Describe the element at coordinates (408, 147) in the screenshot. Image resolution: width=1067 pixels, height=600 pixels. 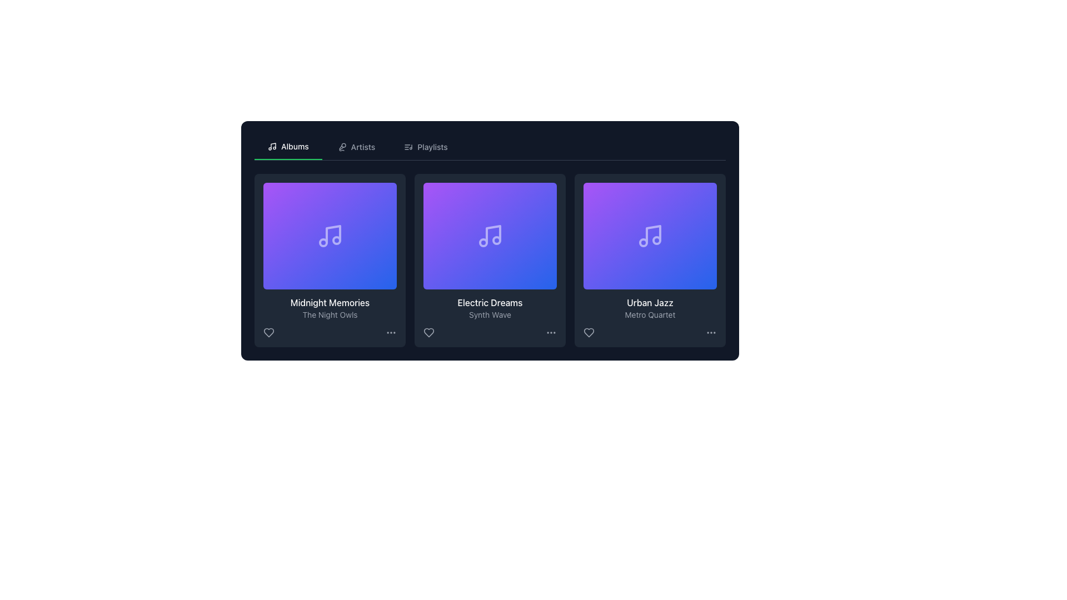
I see `the small musical list symbol icon located to the left of the 'Playlists' text in the header of the navigation area` at that location.